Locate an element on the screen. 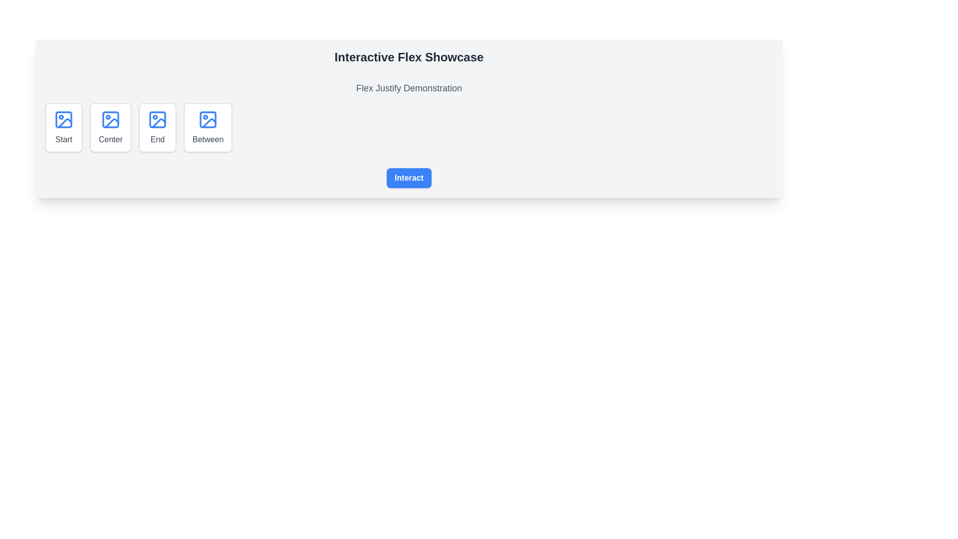 This screenshot has height=539, width=958. the text label 'End' which is located below an image thumbnail icon and is the third button from the left in a horizontal arrangement is located at coordinates (157, 140).